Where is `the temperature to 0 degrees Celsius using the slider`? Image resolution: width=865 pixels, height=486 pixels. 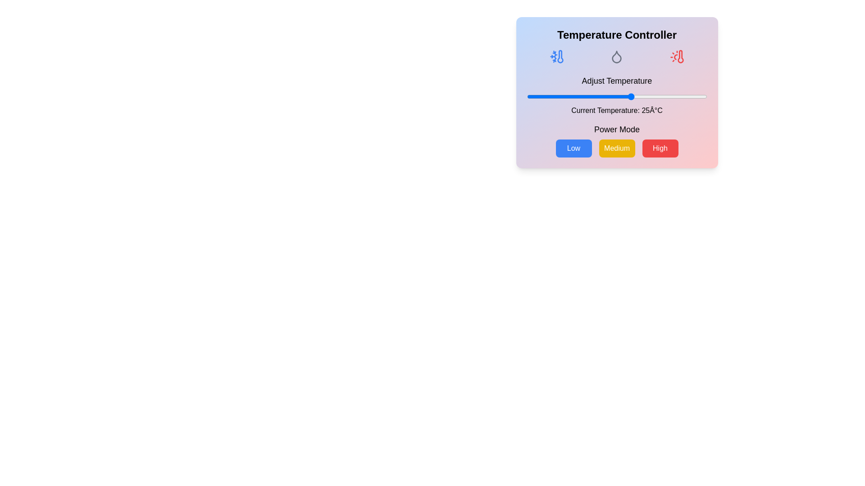
the temperature to 0 degrees Celsius using the slider is located at coordinates (556, 97).